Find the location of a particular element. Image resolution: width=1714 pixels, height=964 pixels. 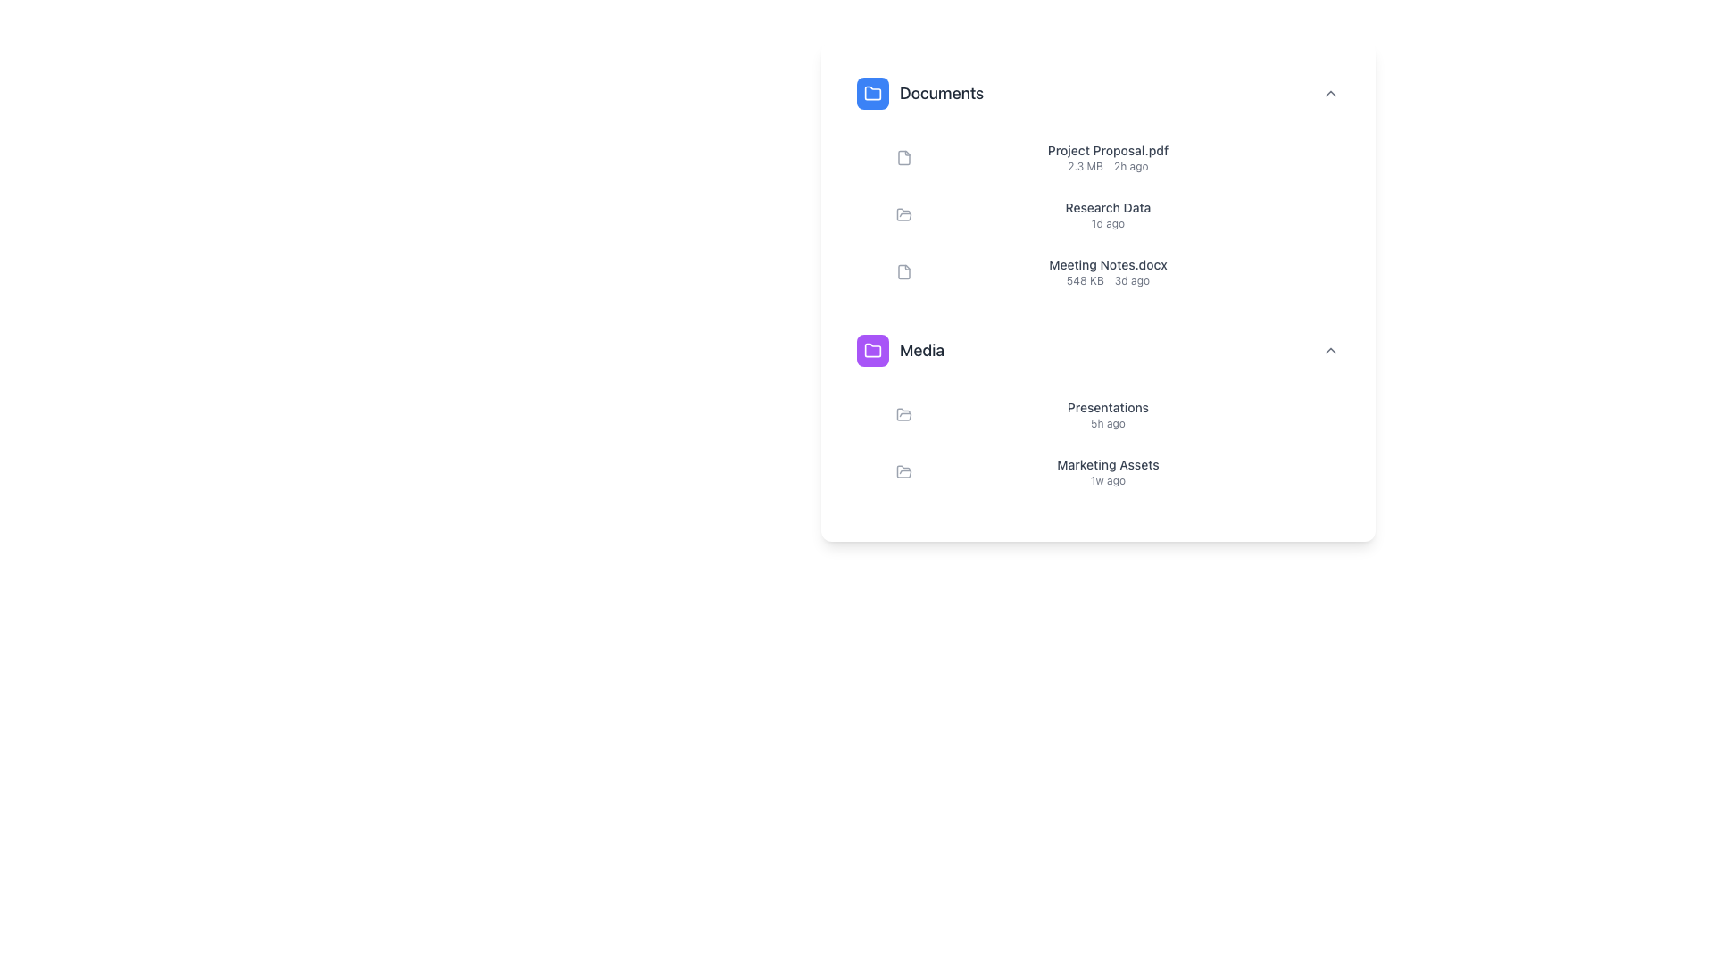

the folder icon located in the 'Media' section, positioned to the left of the 'Media' label text, which is part of a group with a purple background and rounded corners is located at coordinates (873, 351).